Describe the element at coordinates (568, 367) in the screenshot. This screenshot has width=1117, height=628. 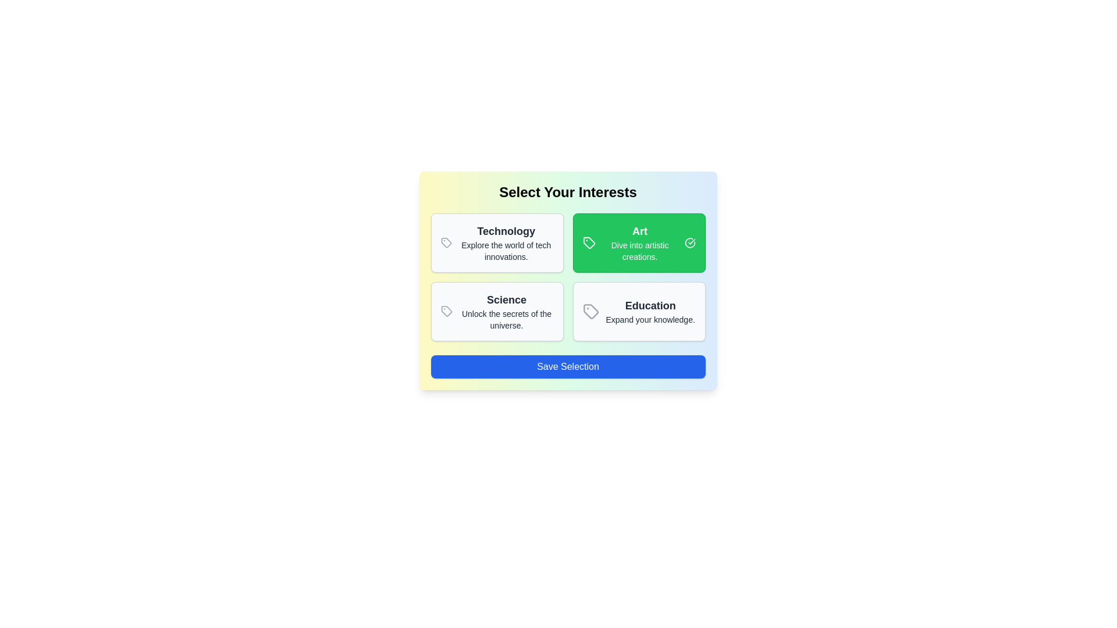
I see `the 'Save Selection' button` at that location.